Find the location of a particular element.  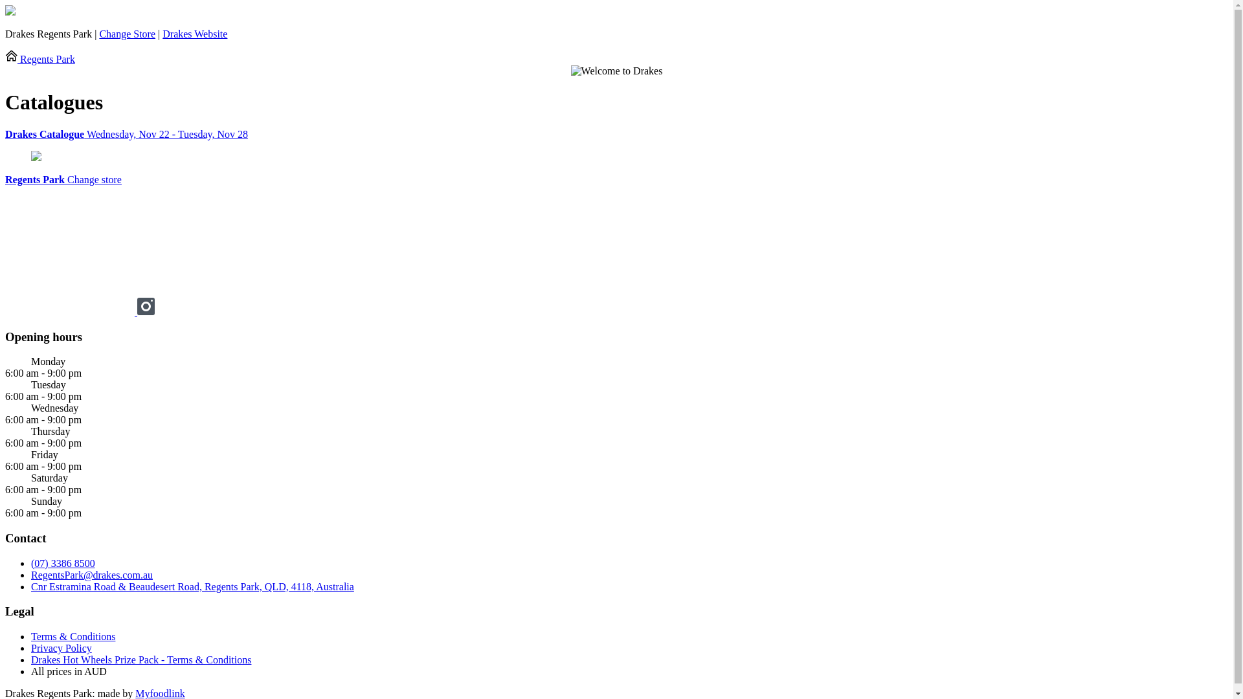

'Privacy Policy' is located at coordinates (61, 648).